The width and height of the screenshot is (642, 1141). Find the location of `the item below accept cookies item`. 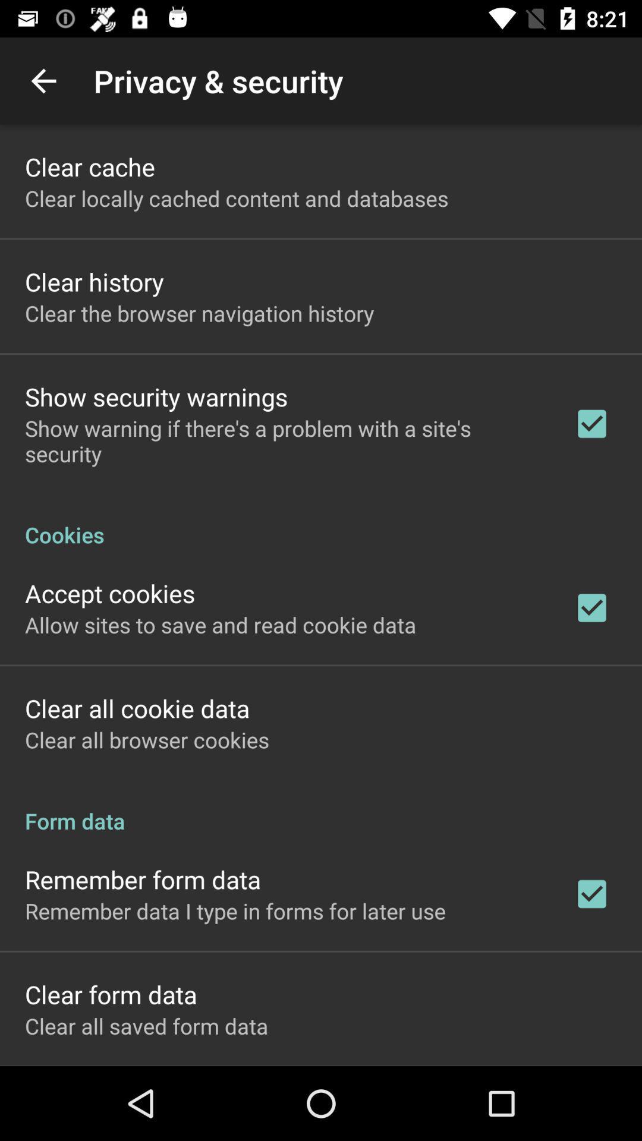

the item below accept cookies item is located at coordinates (221, 624).